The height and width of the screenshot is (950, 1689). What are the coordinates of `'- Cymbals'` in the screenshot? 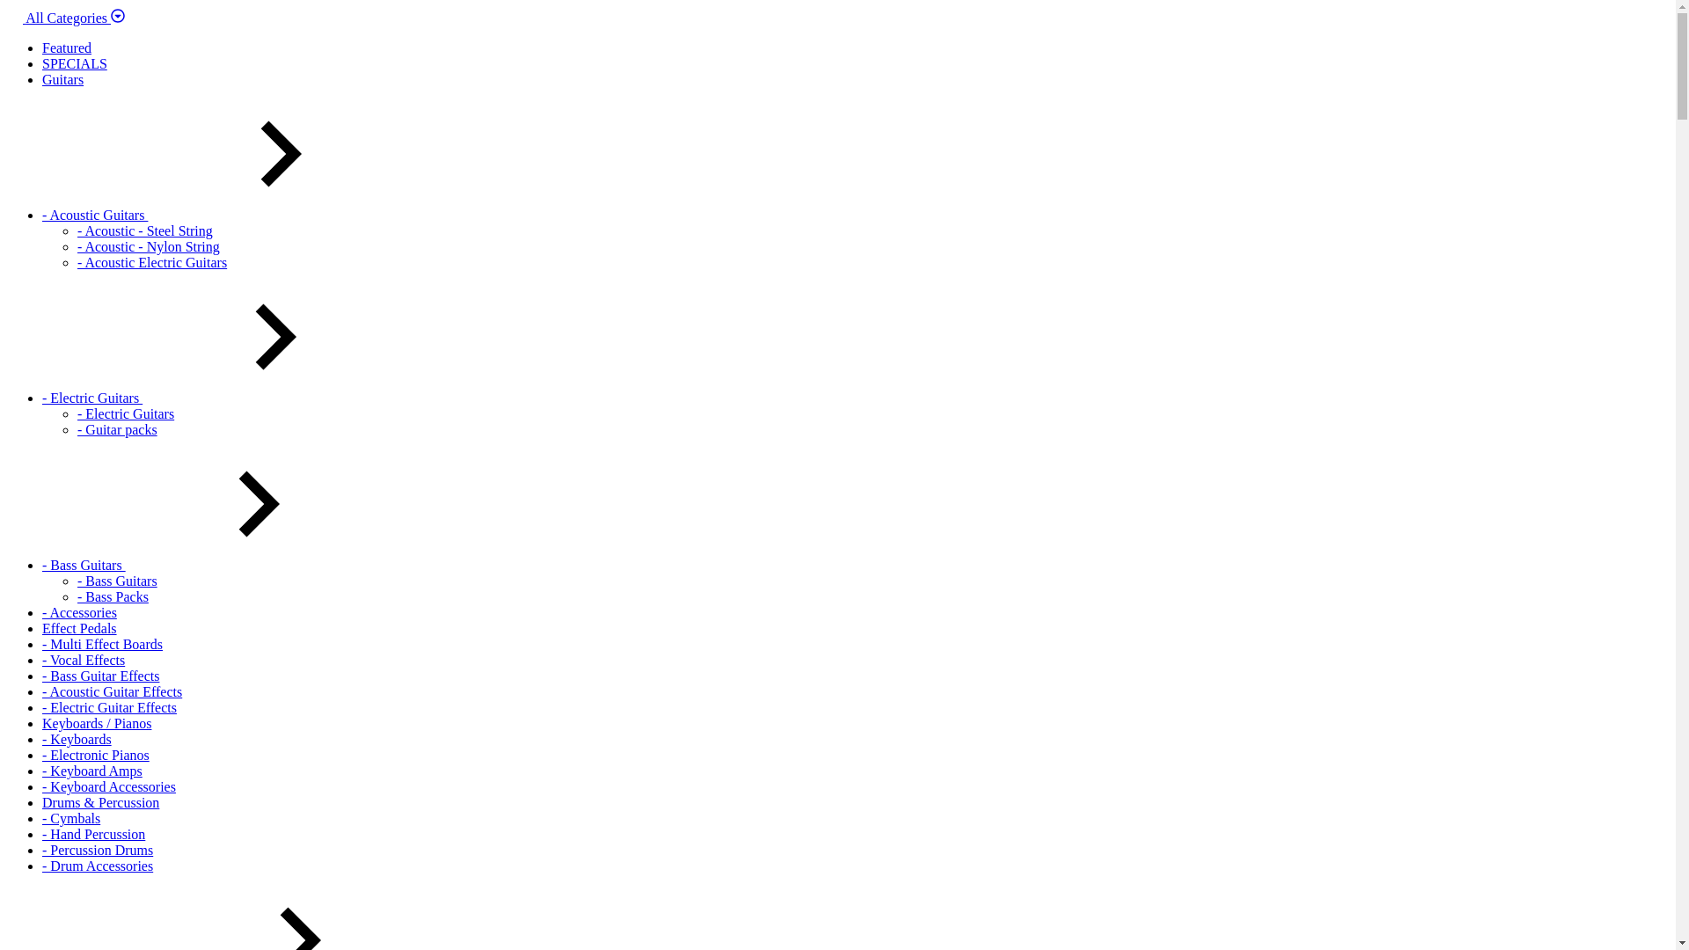 It's located at (70, 818).